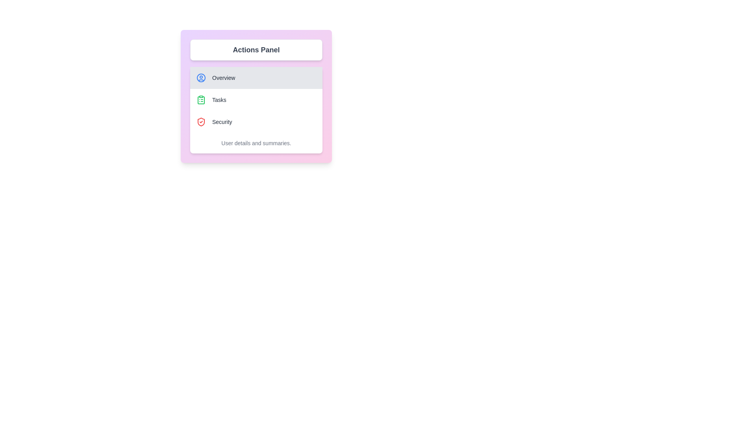 The width and height of the screenshot is (756, 425). What do you see at coordinates (256, 100) in the screenshot?
I see `the menu option Tasks` at bounding box center [256, 100].